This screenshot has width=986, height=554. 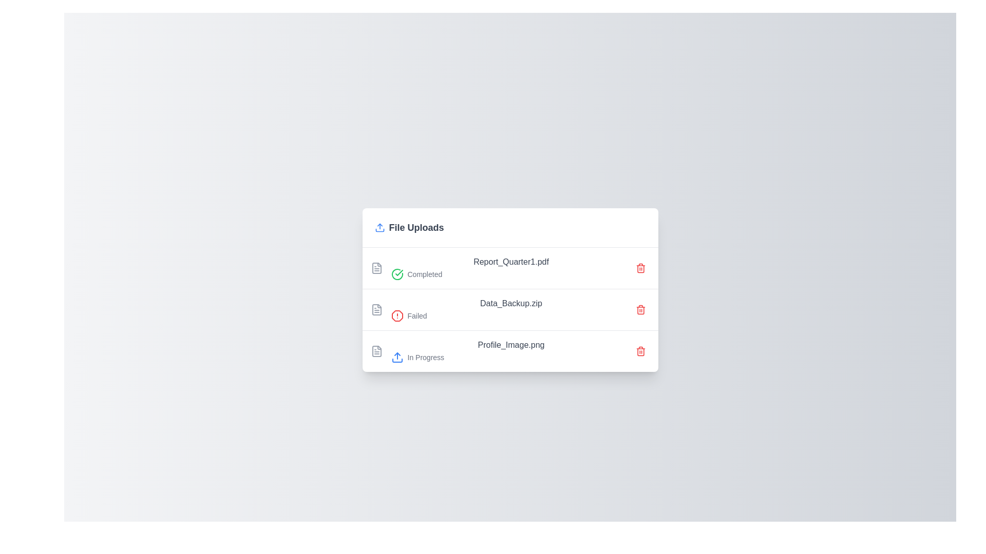 I want to click on file name for details on the second list item indicating a failed status for 'Data_Backup.zip' in the 'File Uploads' list, so click(x=510, y=308).